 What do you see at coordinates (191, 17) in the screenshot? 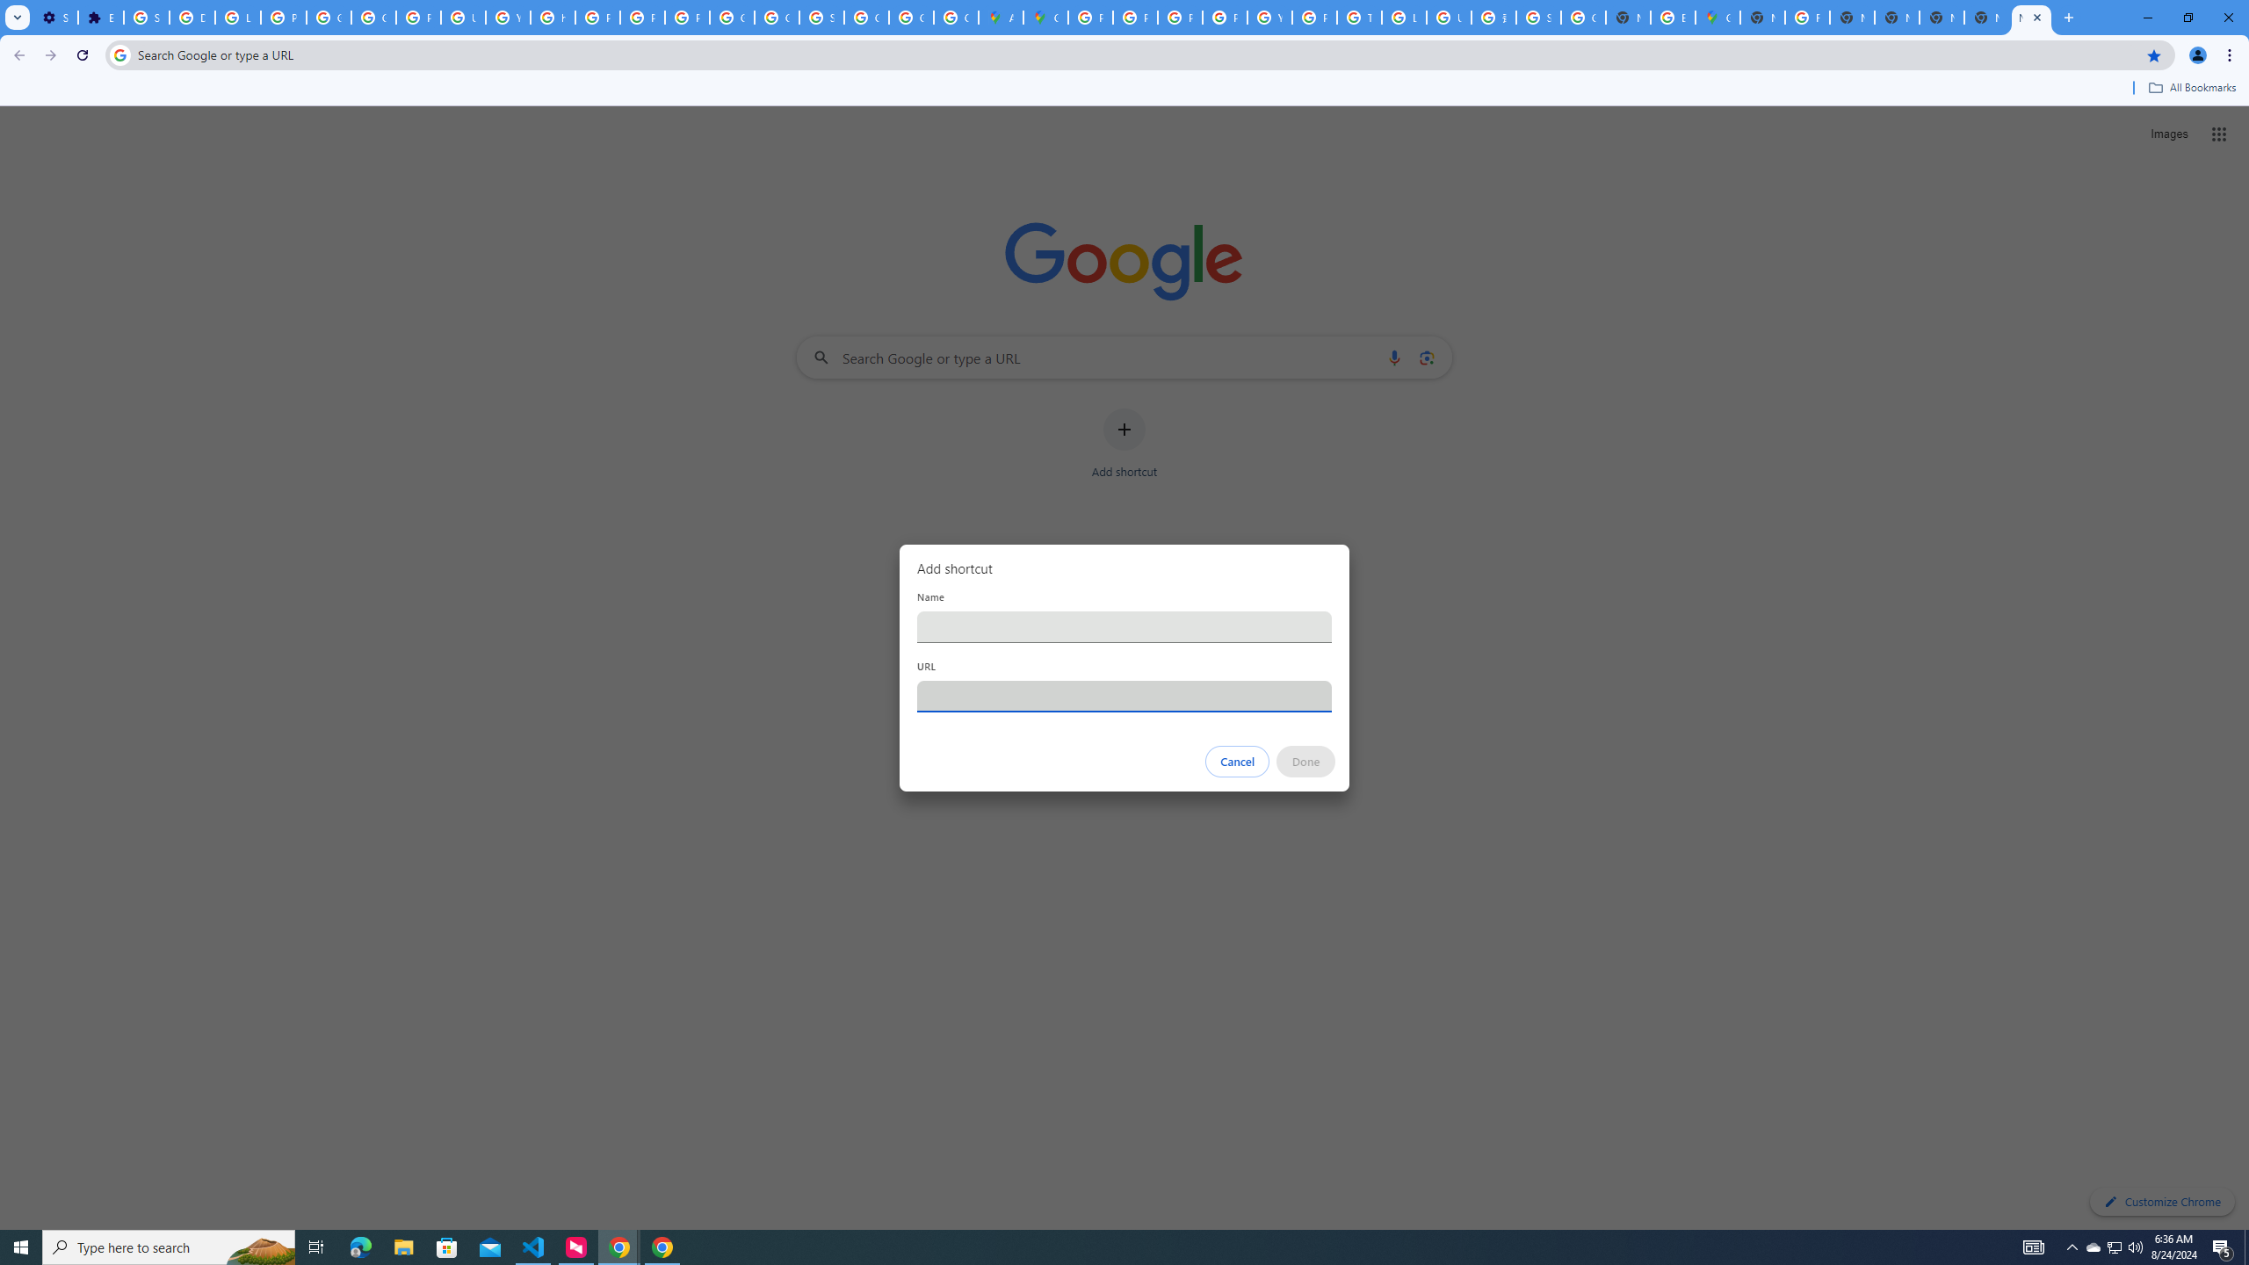
I see `'Delete photos & videos - Computer - Google Photos Help'` at bounding box center [191, 17].